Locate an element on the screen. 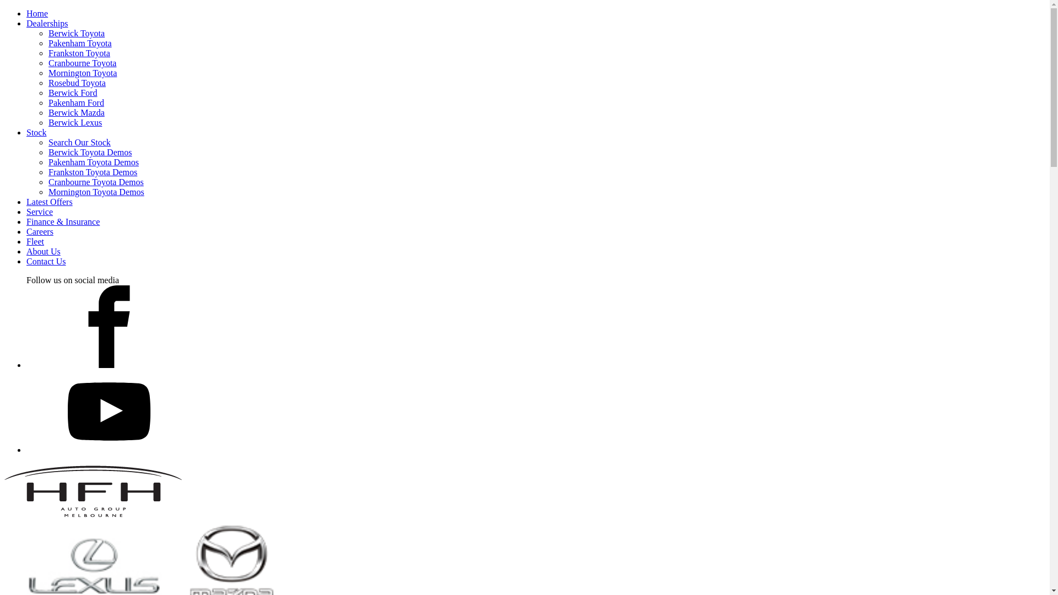 This screenshot has width=1058, height=595. 'Mornington Toyota' is located at coordinates (47, 73).